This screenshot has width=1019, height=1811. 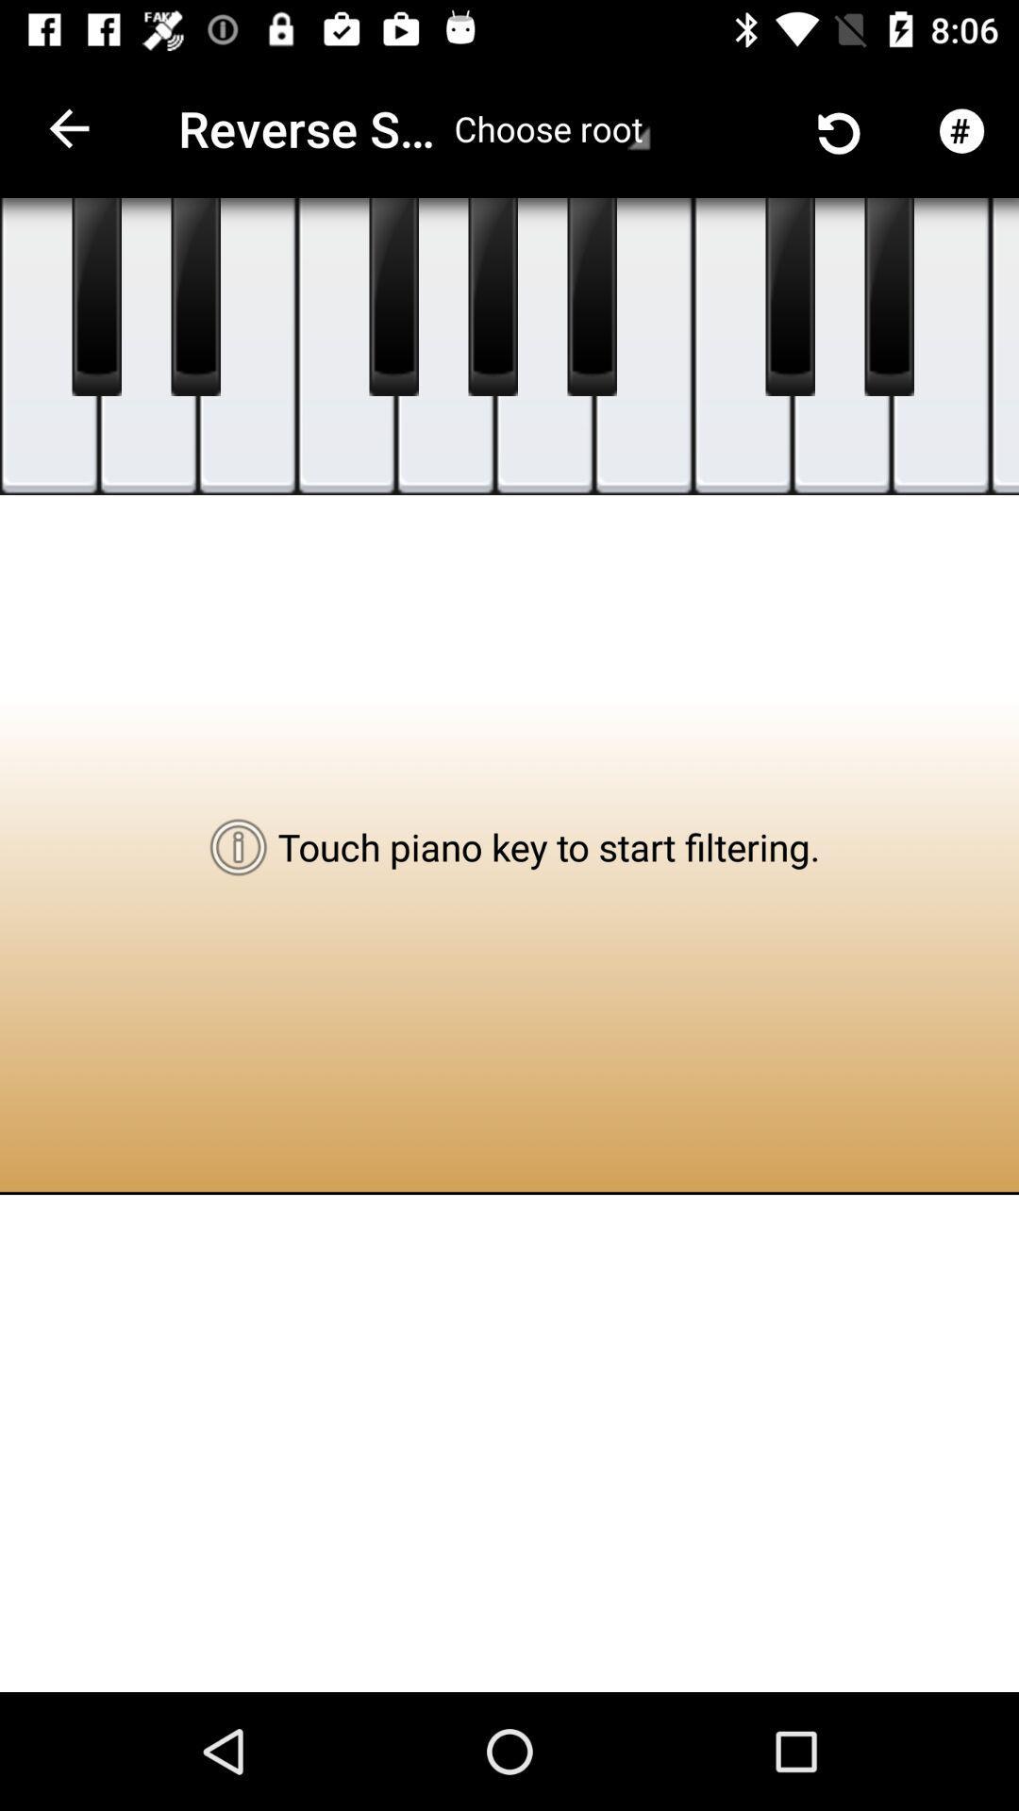 What do you see at coordinates (841, 346) in the screenshot?
I see `piano chord` at bounding box center [841, 346].